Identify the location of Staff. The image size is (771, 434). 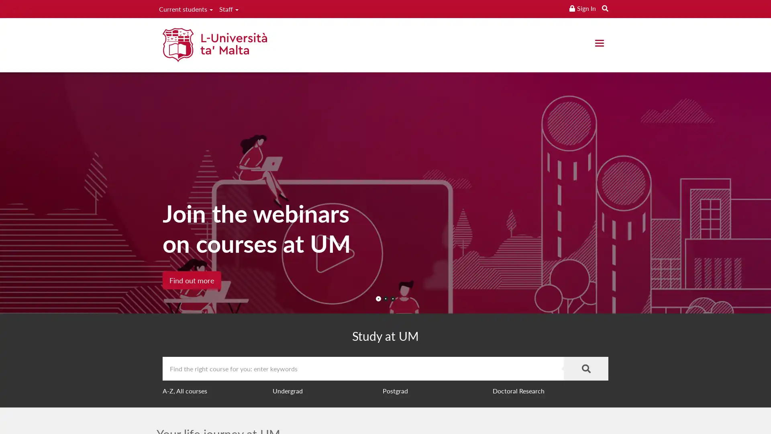
(228, 9).